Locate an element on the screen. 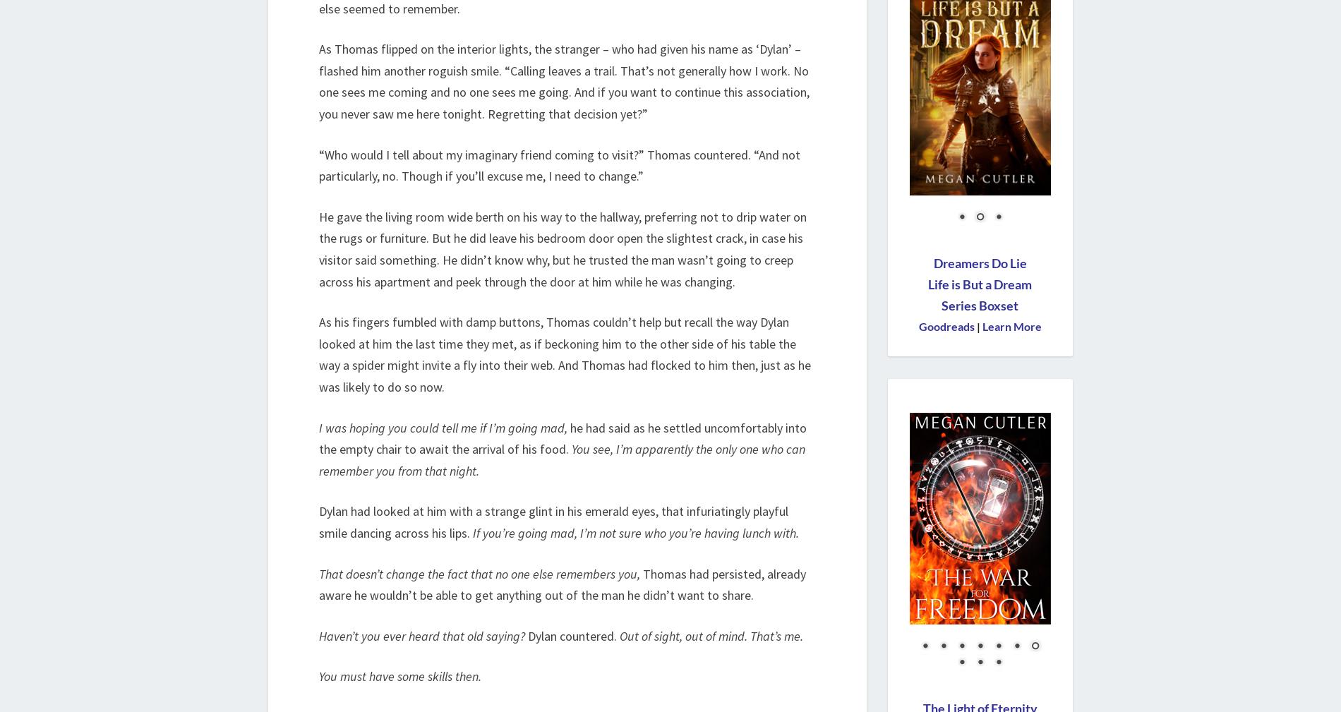  'He gave the living room wide berth on his way to the hallway, preferring not to drip water on the rugs or furniture. But he did leave his bedroom door open the slightest crack, in case his visitor said something. He didn’t know why, but he trusted the man wasn’t going to creep across his apartment and peek through the door at him while he was changing.' is located at coordinates (562, 248).